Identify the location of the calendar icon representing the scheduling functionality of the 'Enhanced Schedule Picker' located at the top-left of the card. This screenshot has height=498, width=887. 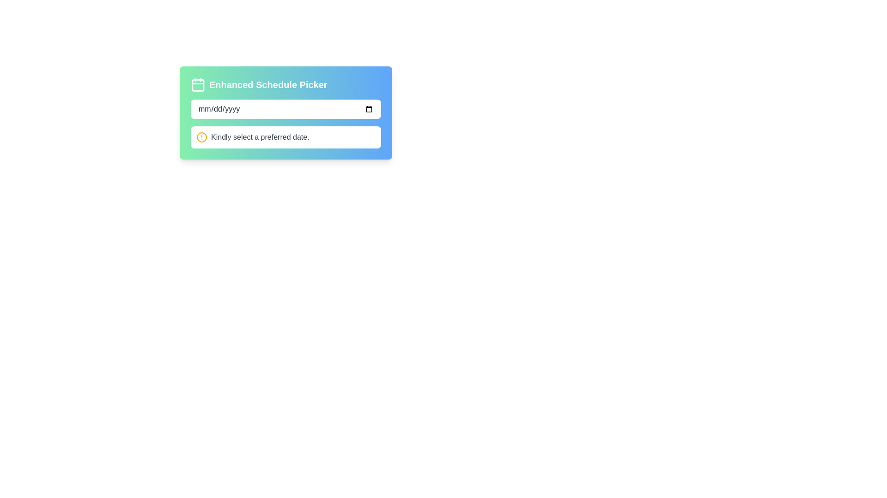
(197, 85).